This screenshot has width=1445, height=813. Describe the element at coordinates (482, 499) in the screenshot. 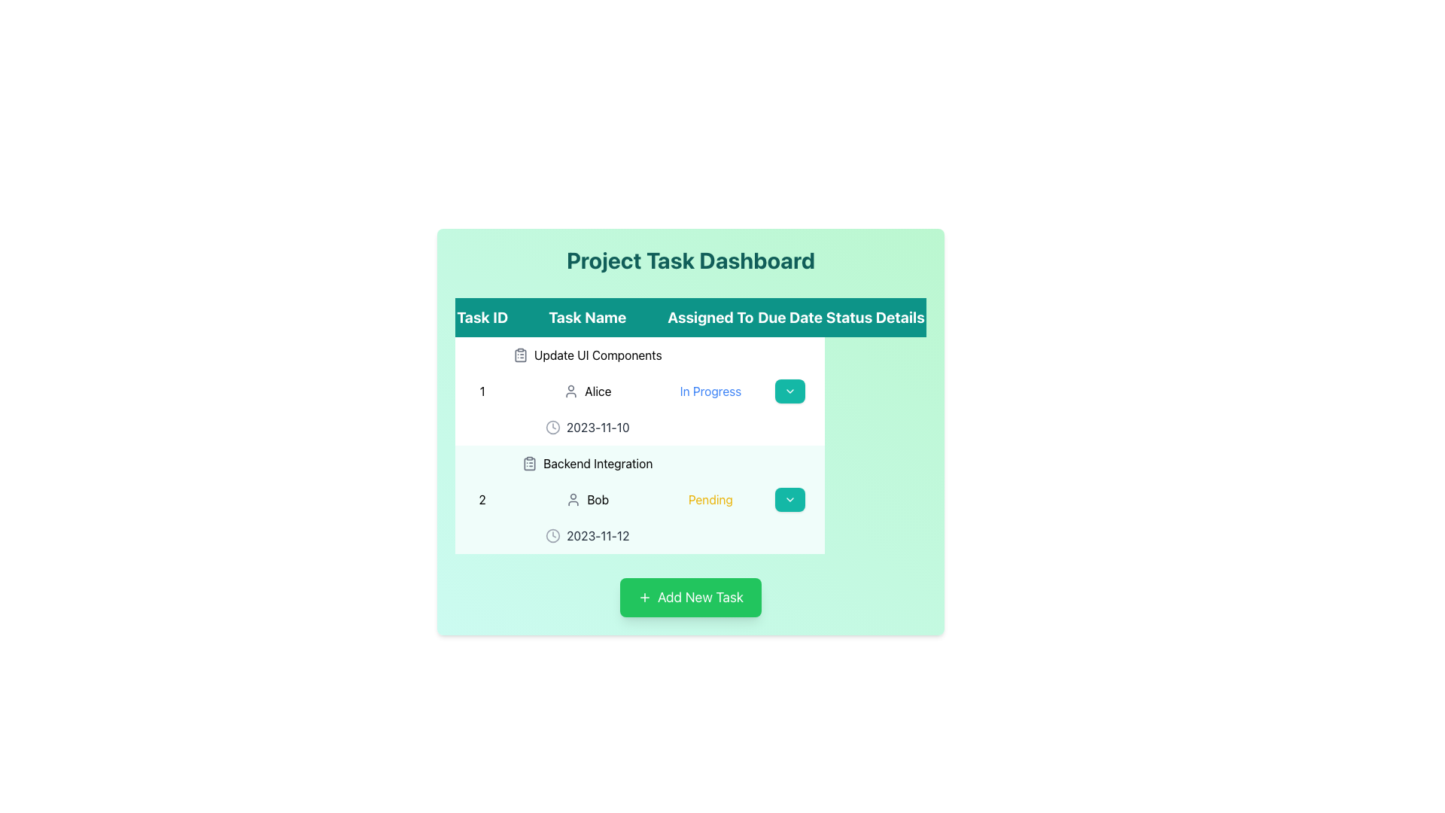

I see `the plain text '2' located in the second row under the 'Task ID' column of the task table` at that location.